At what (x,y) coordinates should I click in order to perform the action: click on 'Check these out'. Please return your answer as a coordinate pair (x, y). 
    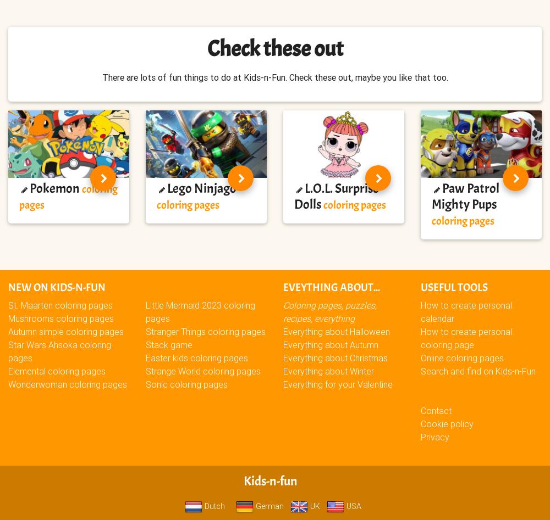
    Looking at the image, I should click on (207, 48).